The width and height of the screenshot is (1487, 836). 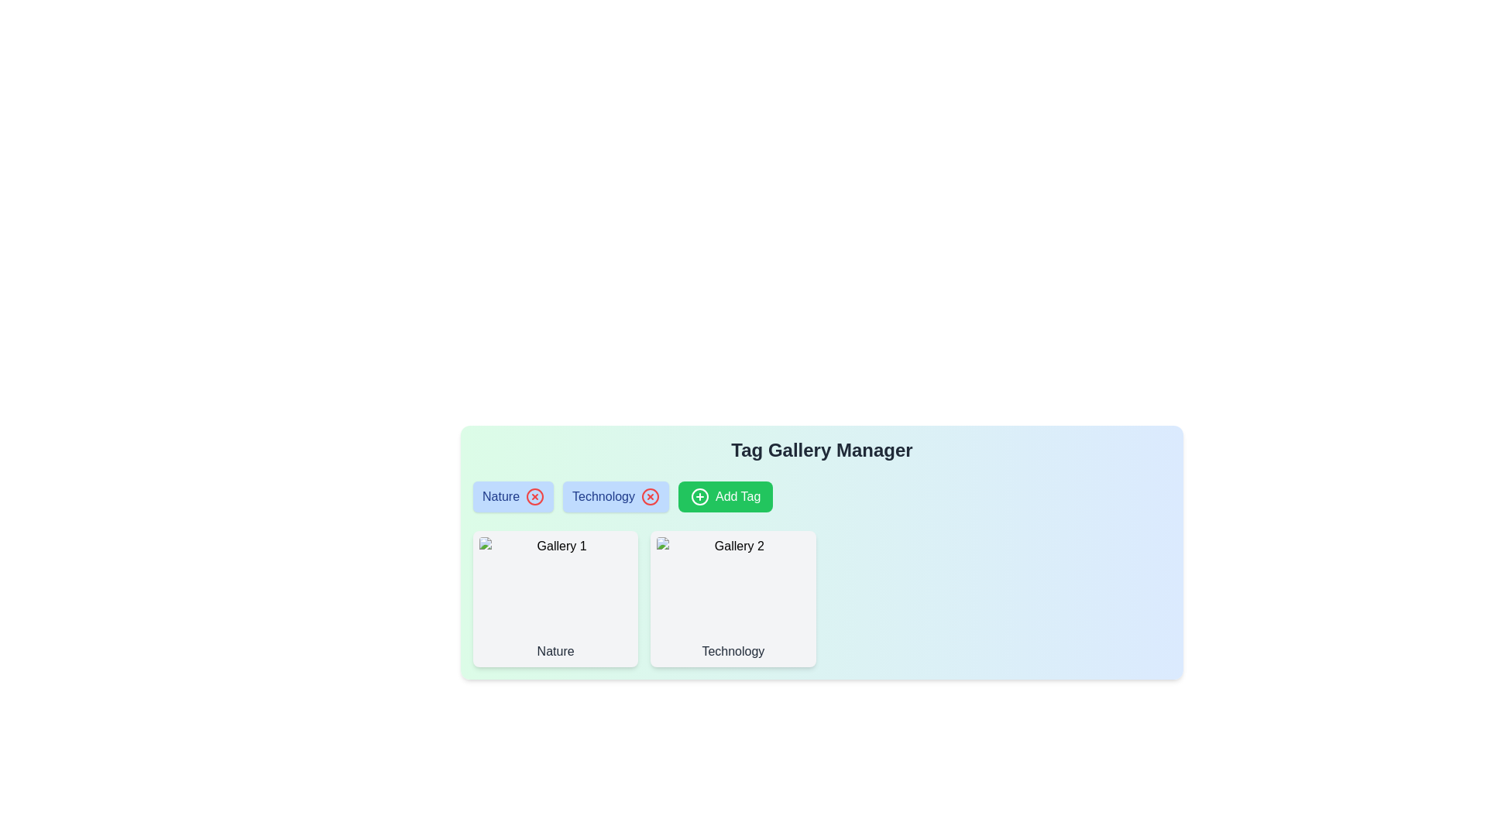 I want to click on the 'Technology' tag in the tag management system, so click(x=615, y=496).